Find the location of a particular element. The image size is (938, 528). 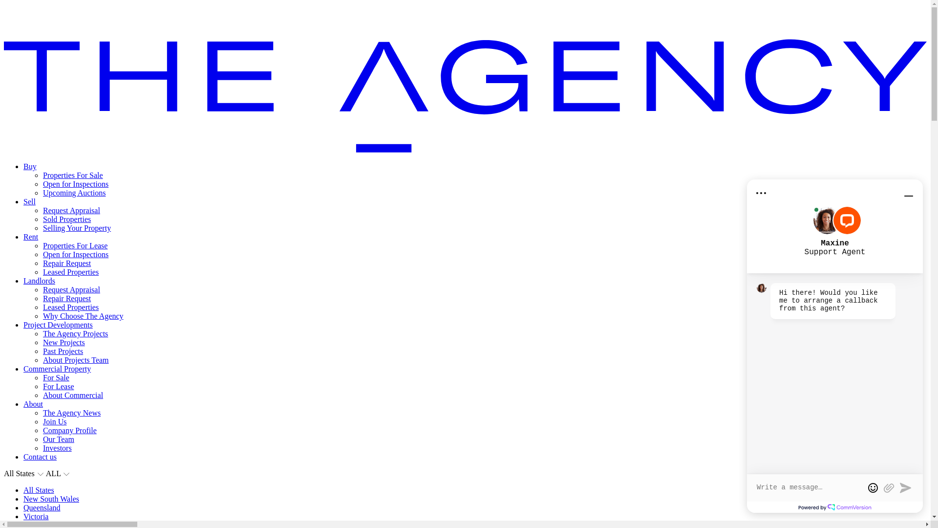

'Queensland' is located at coordinates (42, 507).